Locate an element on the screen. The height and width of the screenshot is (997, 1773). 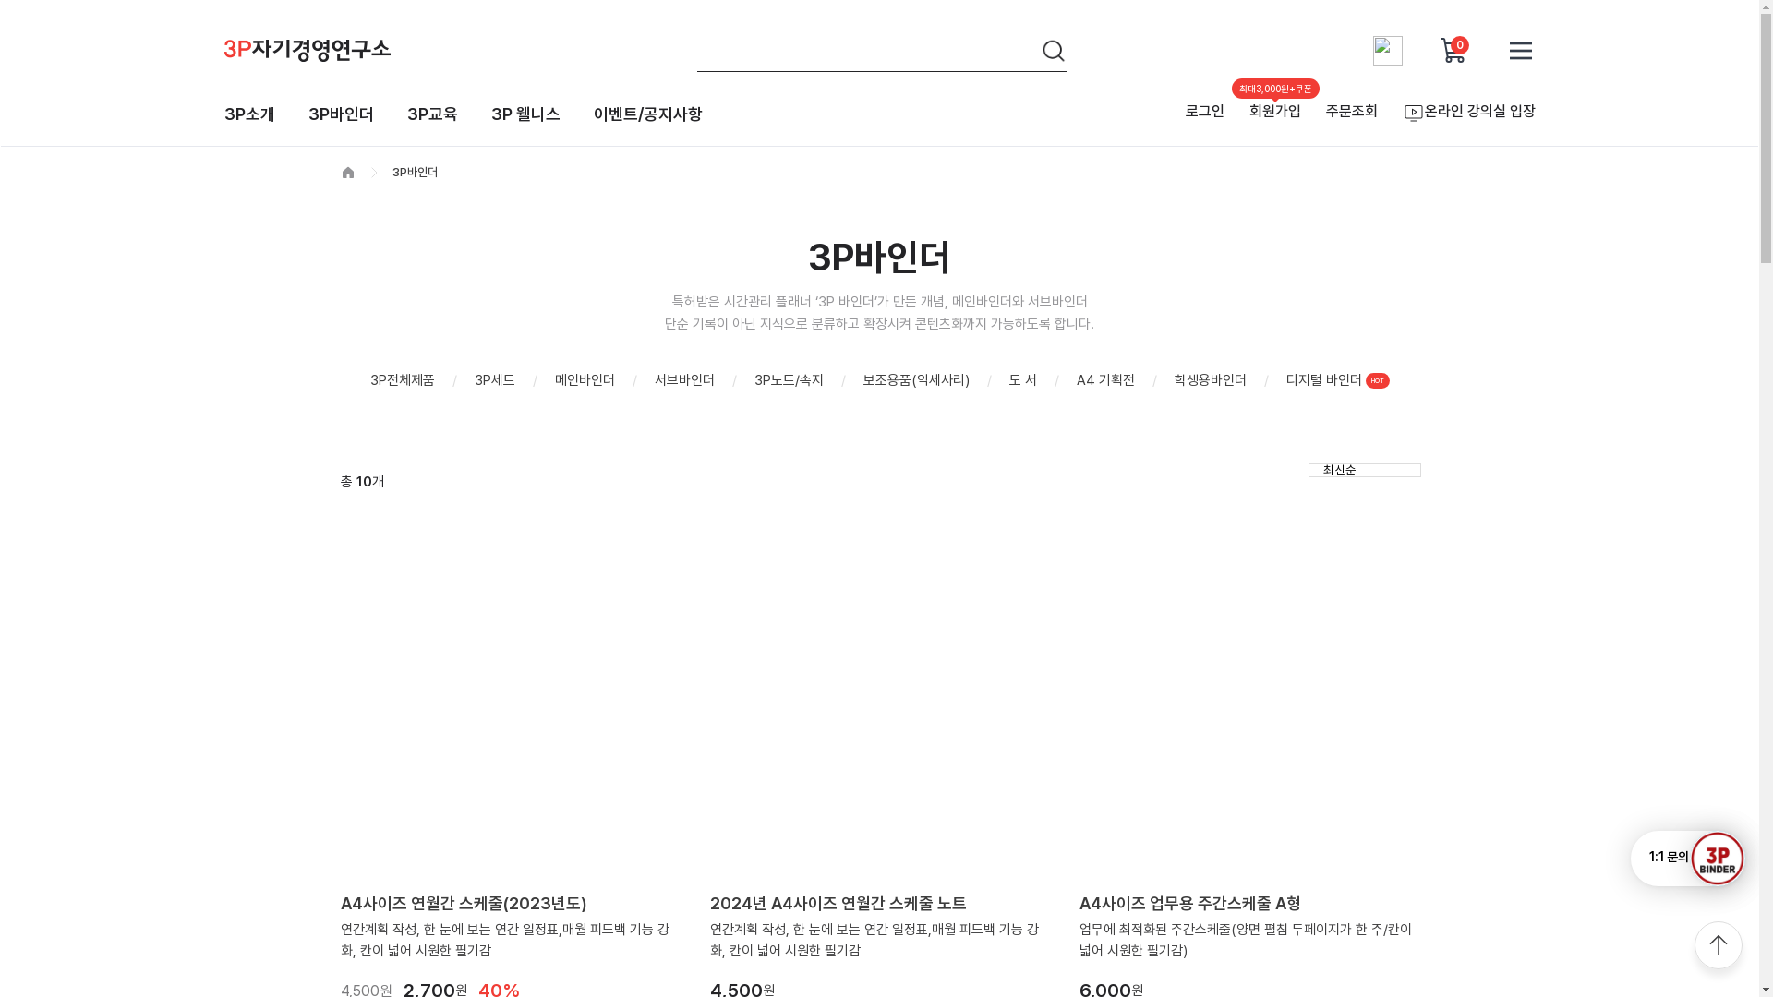
'0' is located at coordinates (1438, 49).